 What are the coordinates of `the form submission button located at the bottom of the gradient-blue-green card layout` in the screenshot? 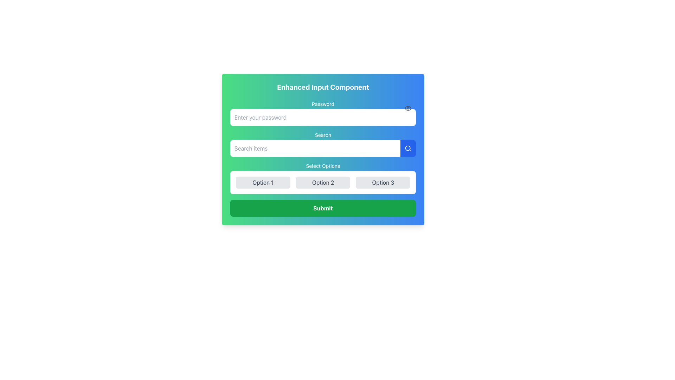 It's located at (322, 208).